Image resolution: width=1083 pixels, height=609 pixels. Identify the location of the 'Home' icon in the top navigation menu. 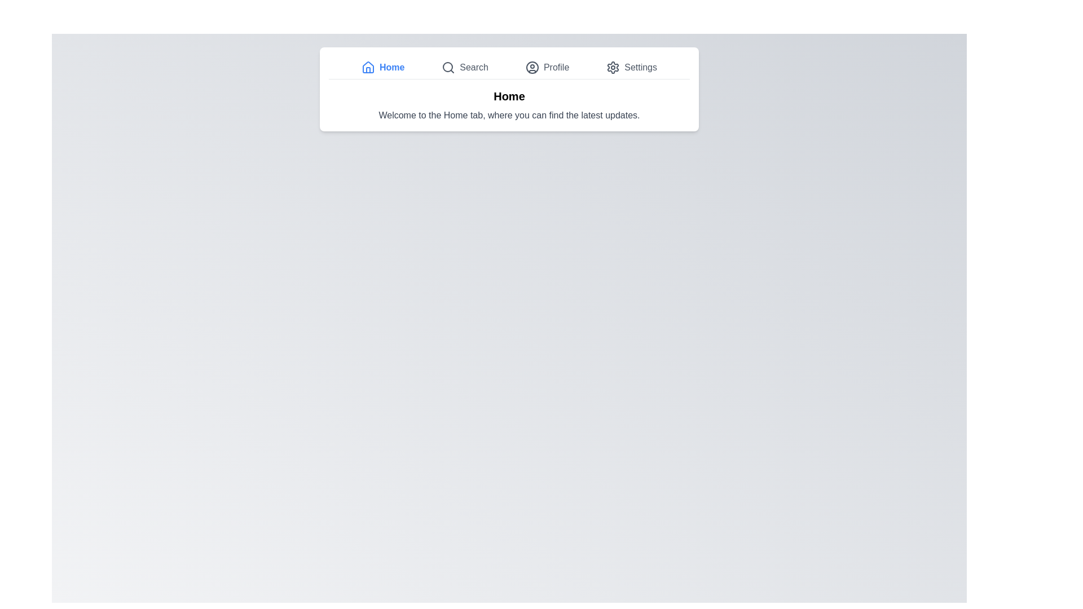
(368, 67).